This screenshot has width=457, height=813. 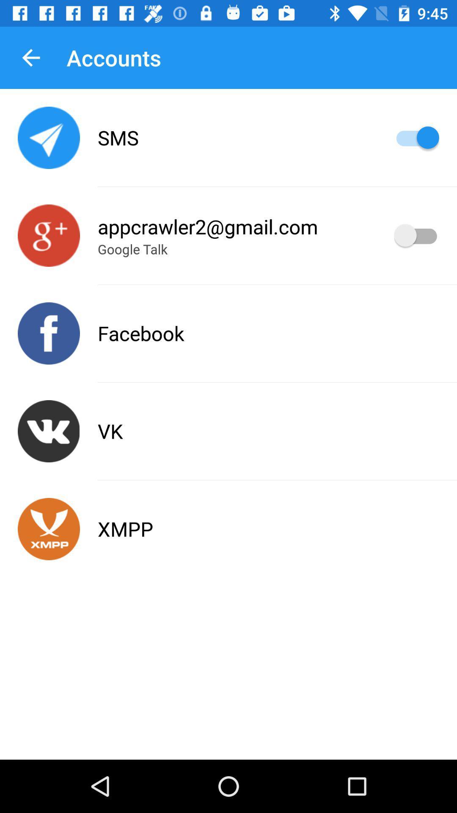 What do you see at coordinates (49, 528) in the screenshot?
I see `xmpp` at bounding box center [49, 528].